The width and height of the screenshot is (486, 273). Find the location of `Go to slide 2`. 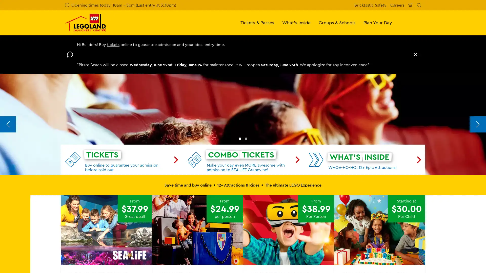

Go to slide 2 is located at coordinates (246, 234).